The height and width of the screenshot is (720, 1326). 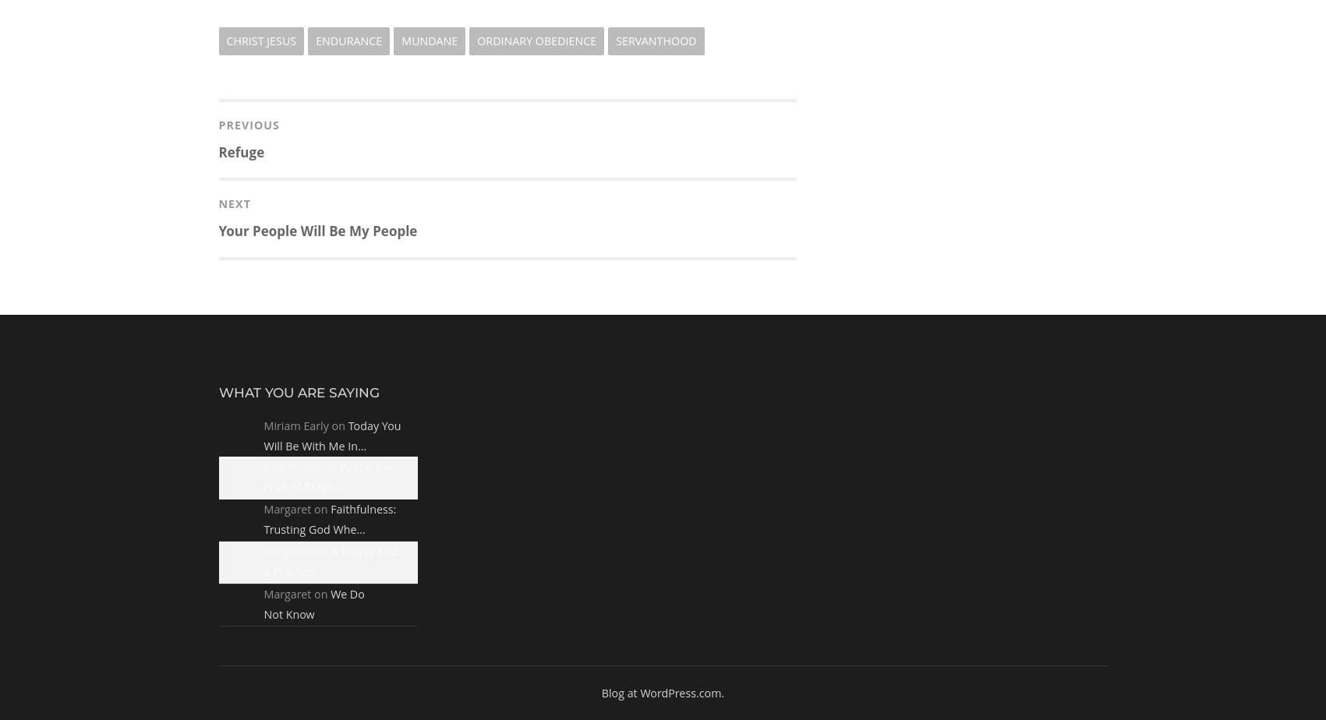 I want to click on 'Christ Jesus', so click(x=260, y=41).